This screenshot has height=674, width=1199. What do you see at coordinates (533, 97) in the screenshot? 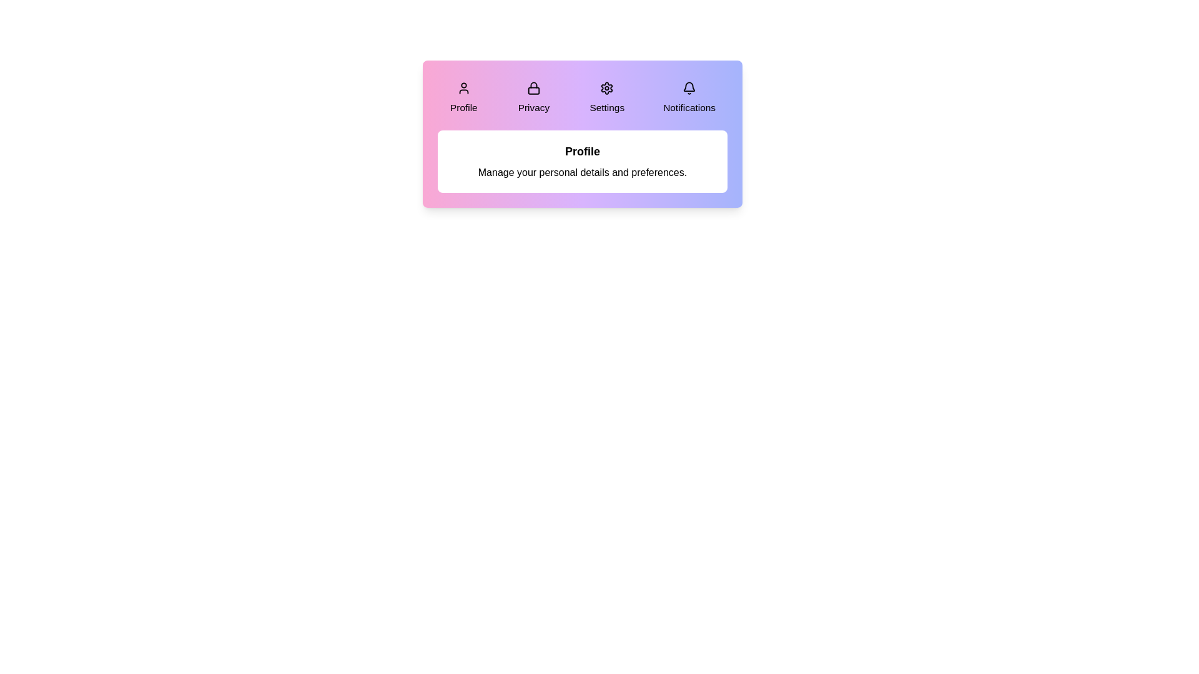
I see `the Privacy tab by clicking on it` at bounding box center [533, 97].